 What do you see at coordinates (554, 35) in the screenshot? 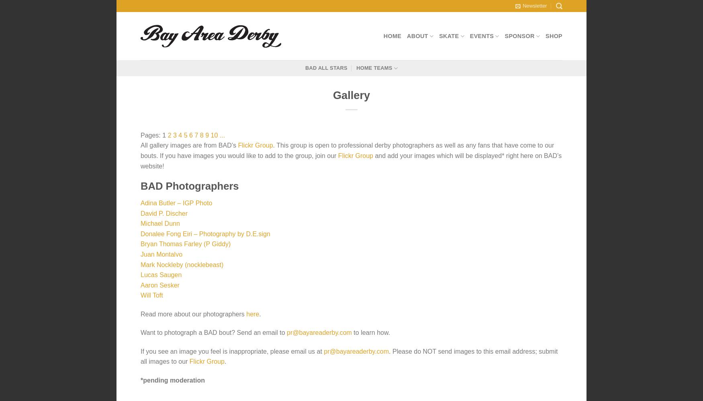
I see `'Shop'` at bounding box center [554, 35].